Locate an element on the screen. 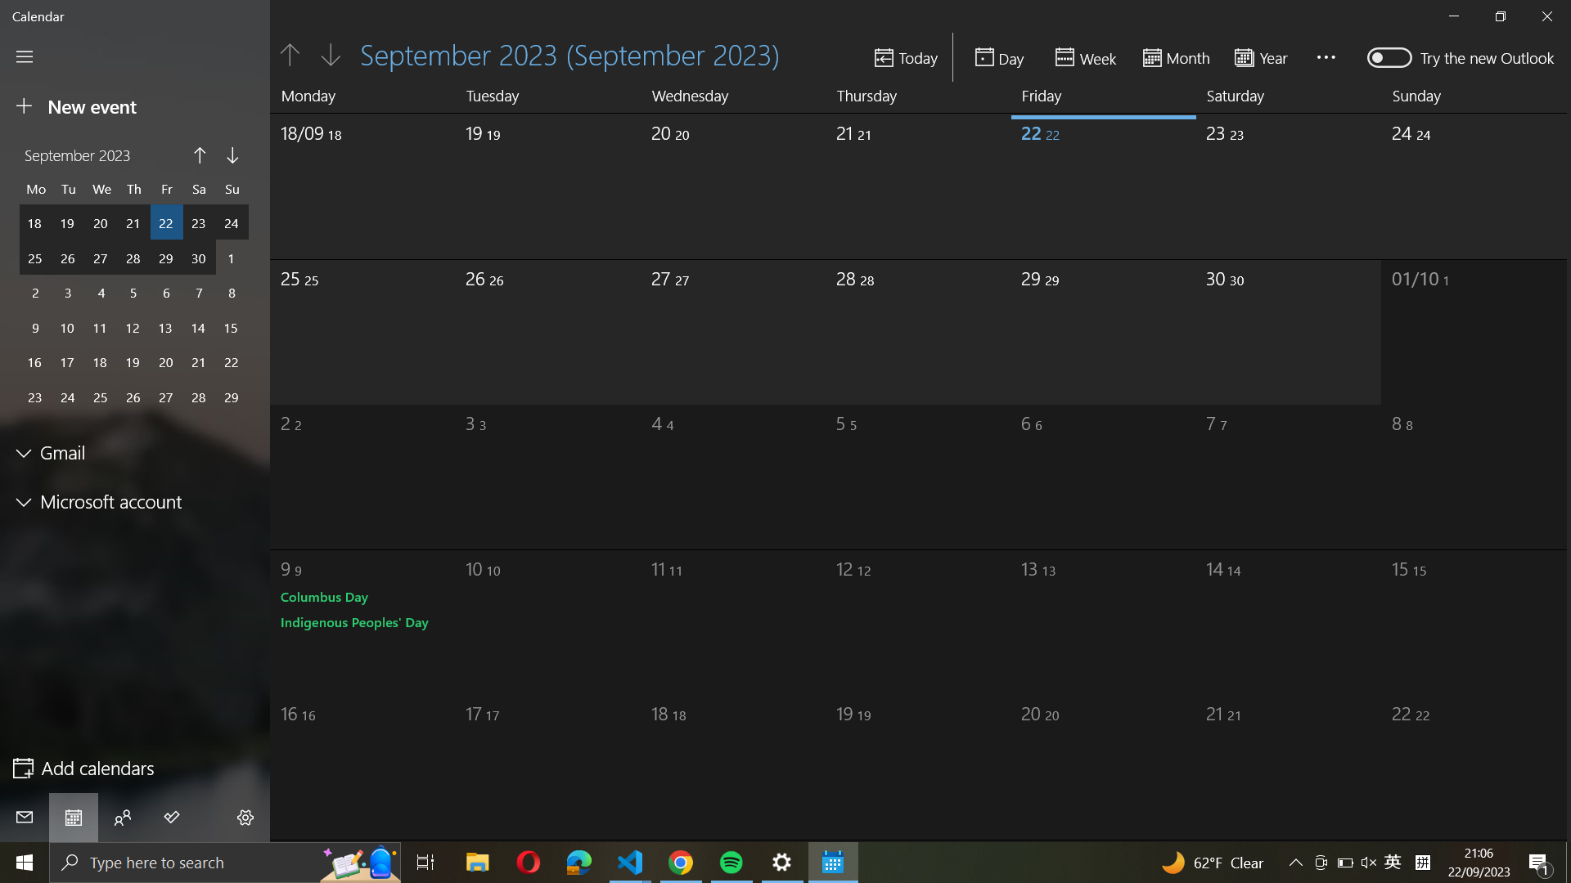 The height and width of the screenshot is (883, 1571). Pick September"s last day is located at coordinates (1290, 180).